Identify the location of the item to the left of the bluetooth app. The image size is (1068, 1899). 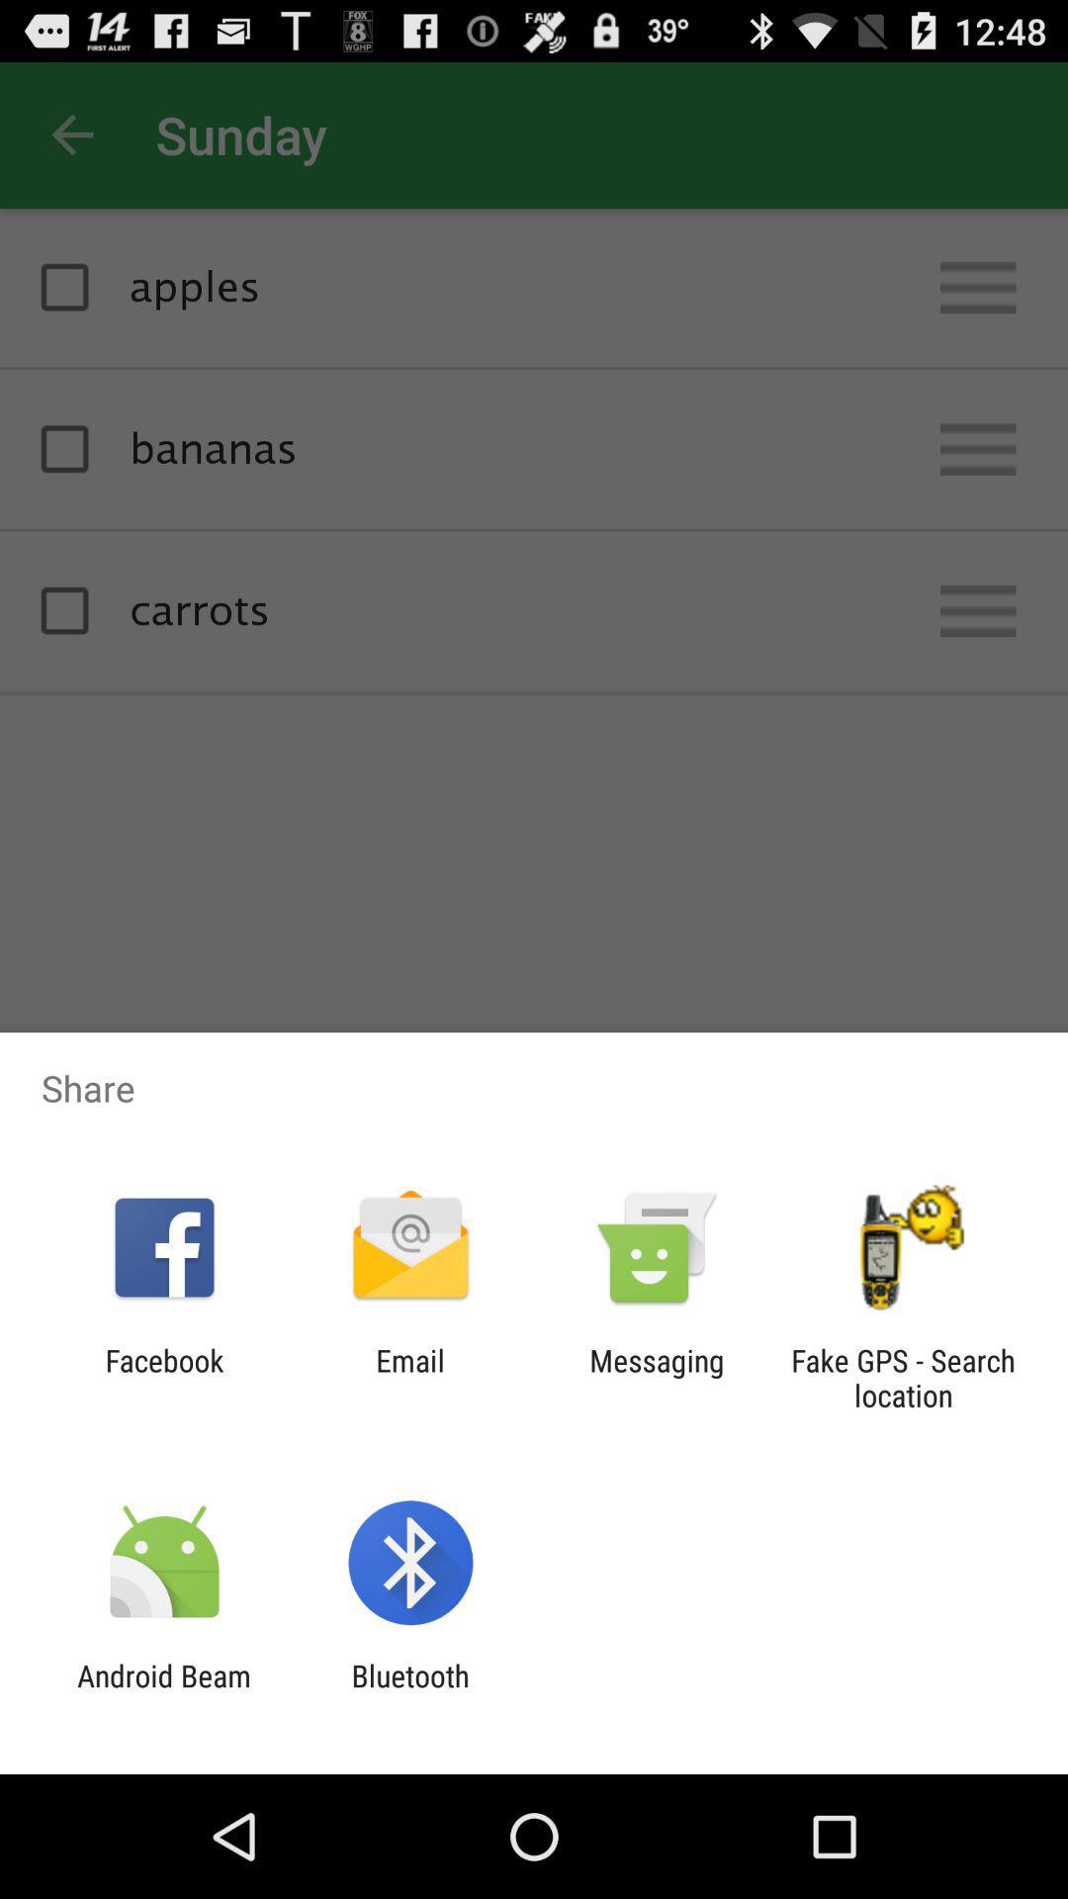
(163, 1692).